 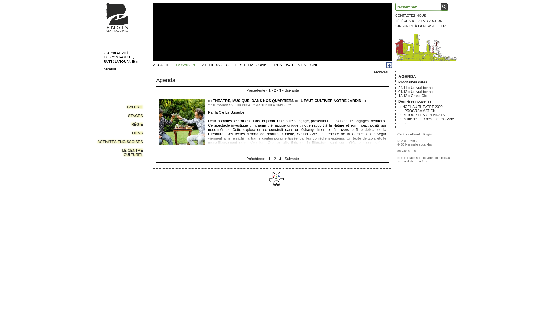 What do you see at coordinates (269, 90) in the screenshot?
I see `'1'` at bounding box center [269, 90].